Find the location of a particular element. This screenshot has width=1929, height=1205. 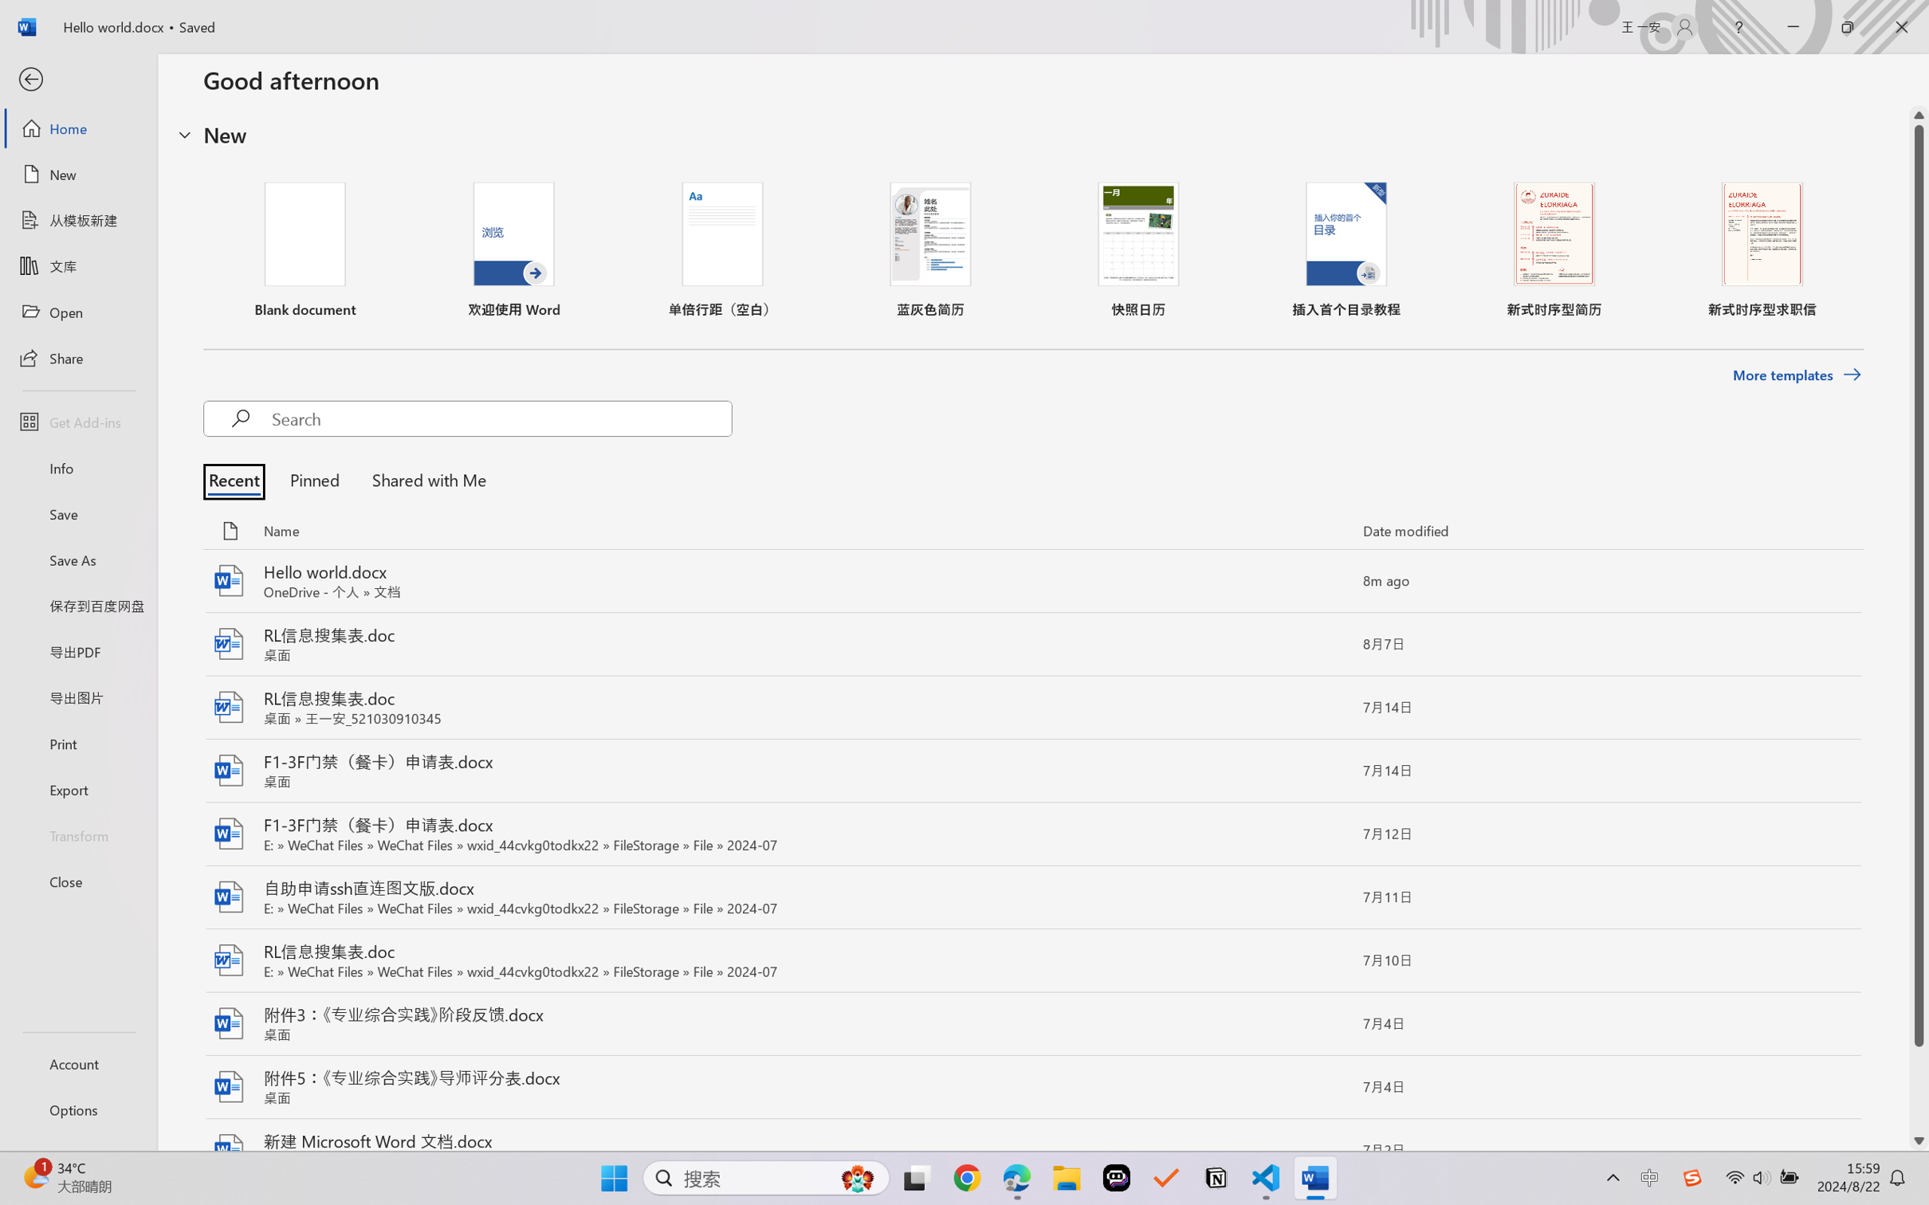

'Account' is located at coordinates (77, 1063).